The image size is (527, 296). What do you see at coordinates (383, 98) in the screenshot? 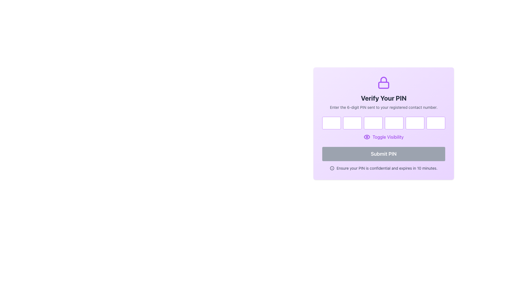
I see `the informational Text label that serves as the title for the PIN verification form, positioned below an icon and above a smaller explanatory text` at bounding box center [383, 98].